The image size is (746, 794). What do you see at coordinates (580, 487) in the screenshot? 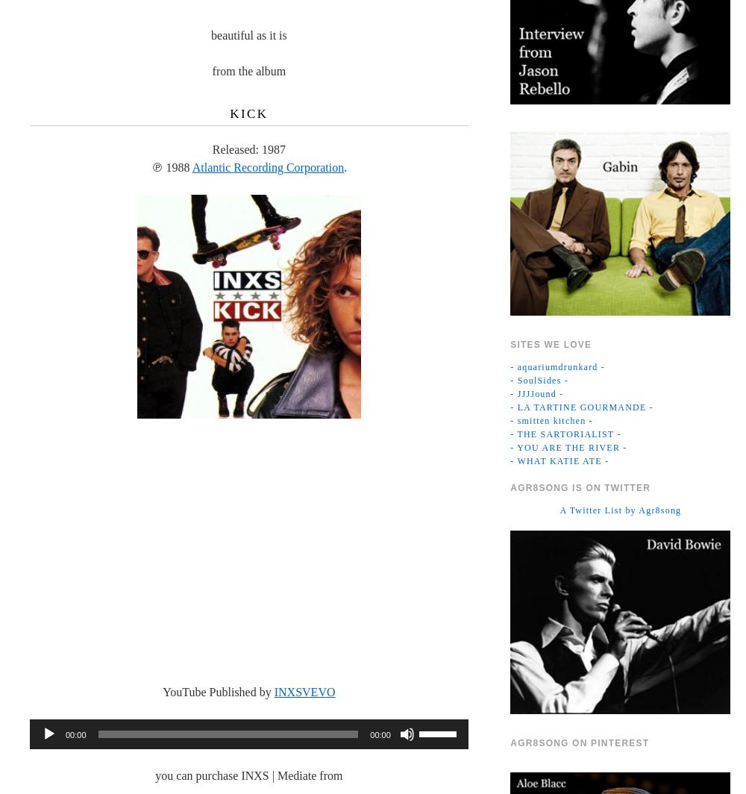
I see `'Agr8song is on twitter'` at bounding box center [580, 487].